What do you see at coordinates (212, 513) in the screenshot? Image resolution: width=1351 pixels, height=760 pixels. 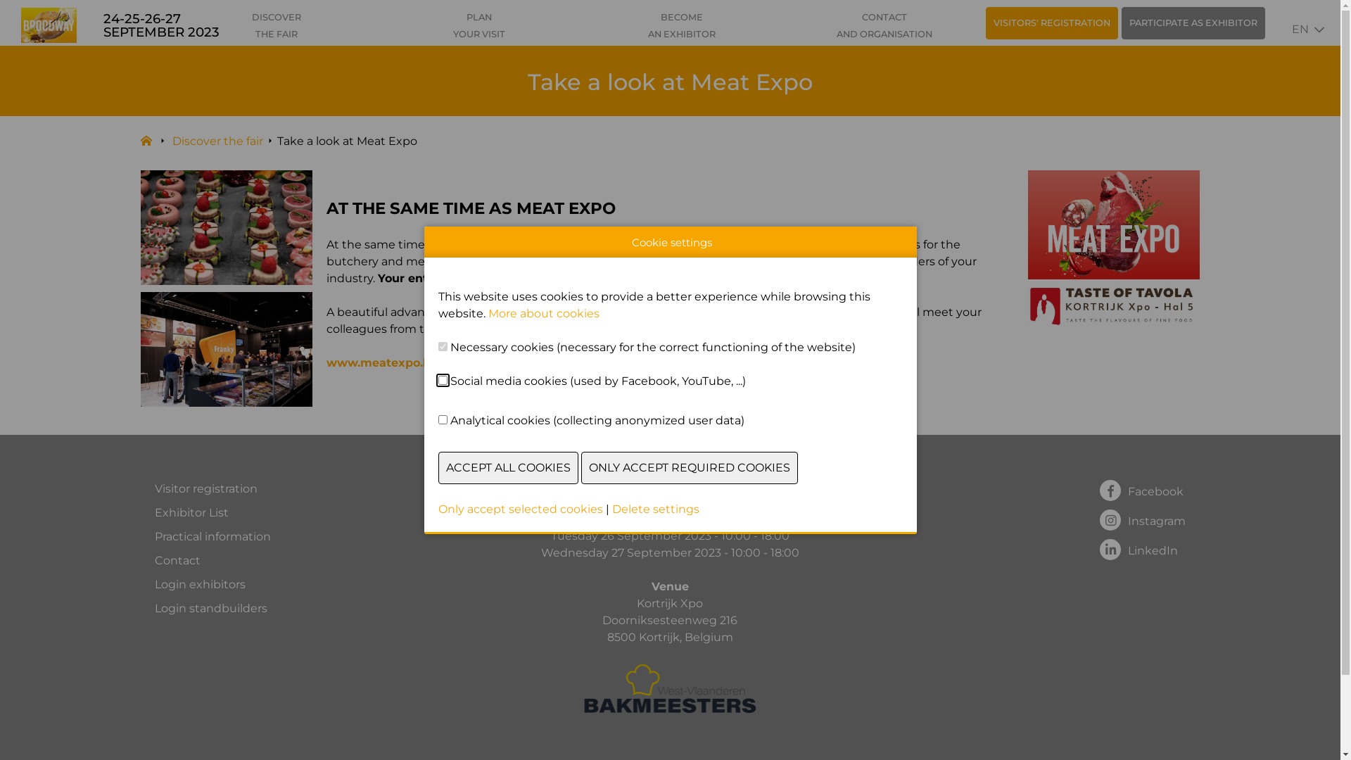 I see `'Exhibitor List'` at bounding box center [212, 513].